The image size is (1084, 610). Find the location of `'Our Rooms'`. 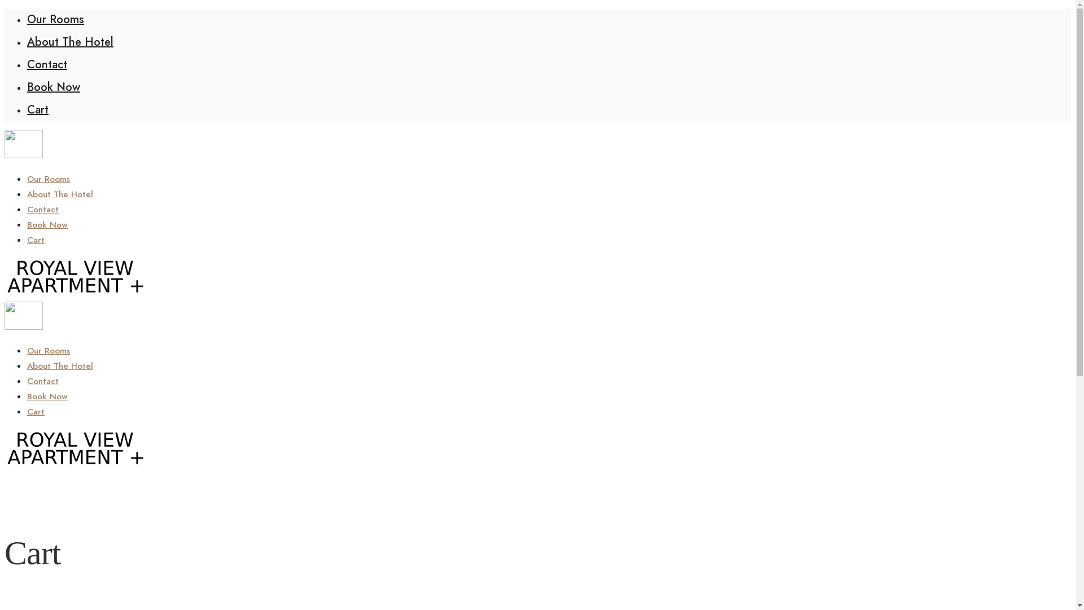

'Our Rooms' is located at coordinates (27, 350).